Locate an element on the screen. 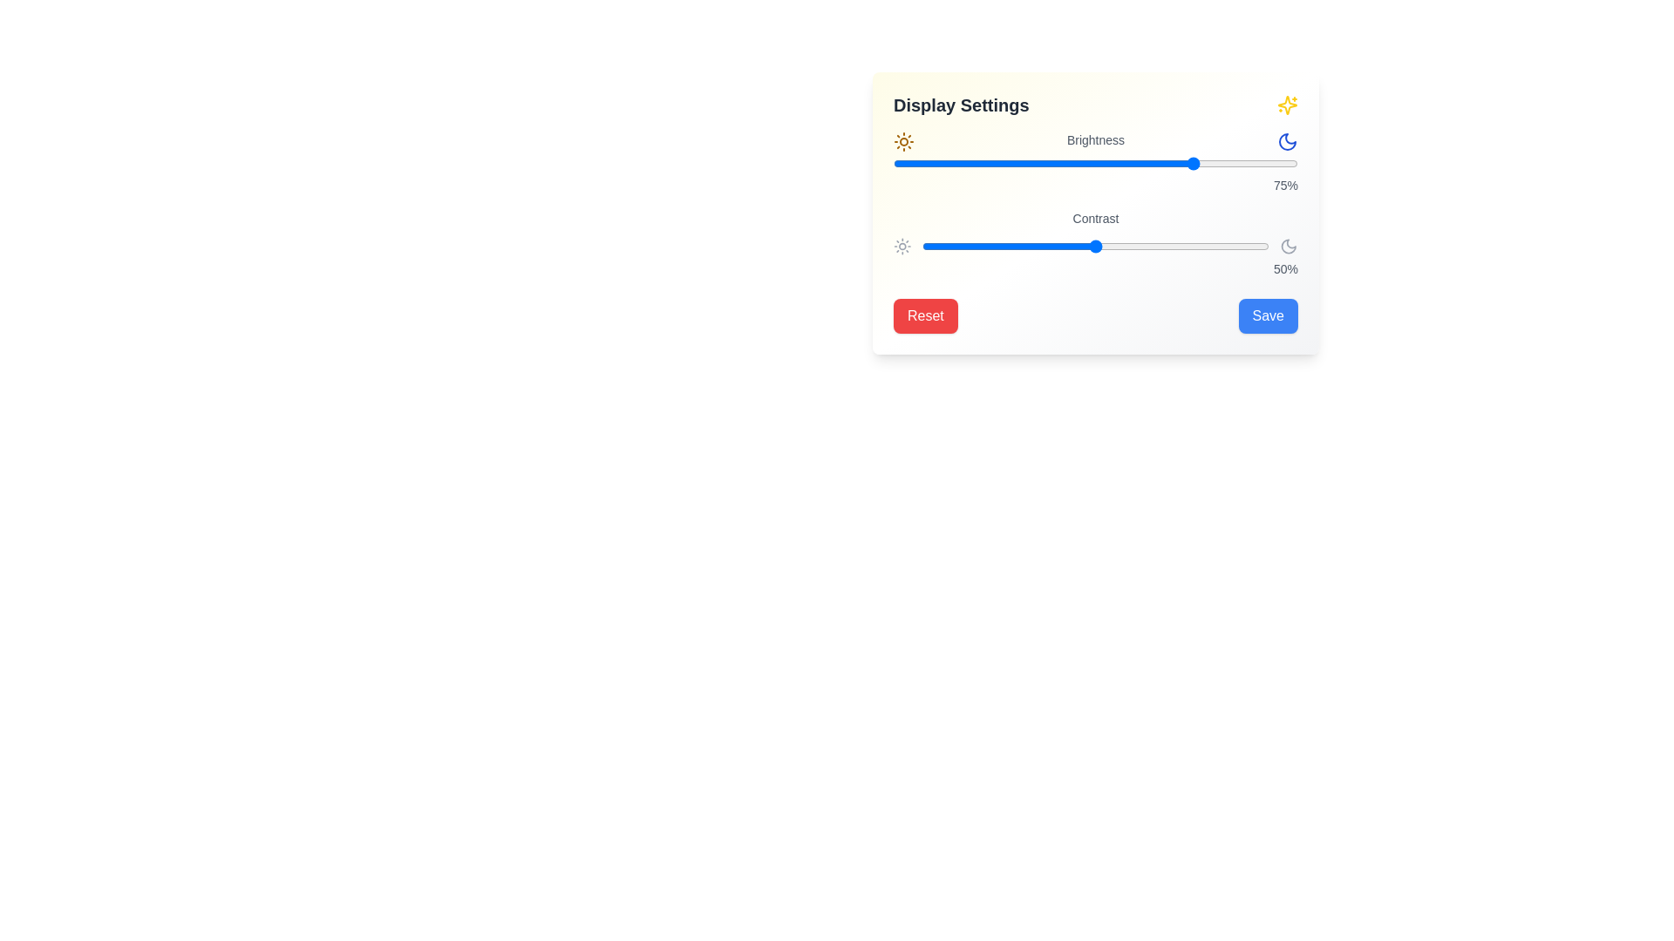  brightness is located at coordinates (995, 164).